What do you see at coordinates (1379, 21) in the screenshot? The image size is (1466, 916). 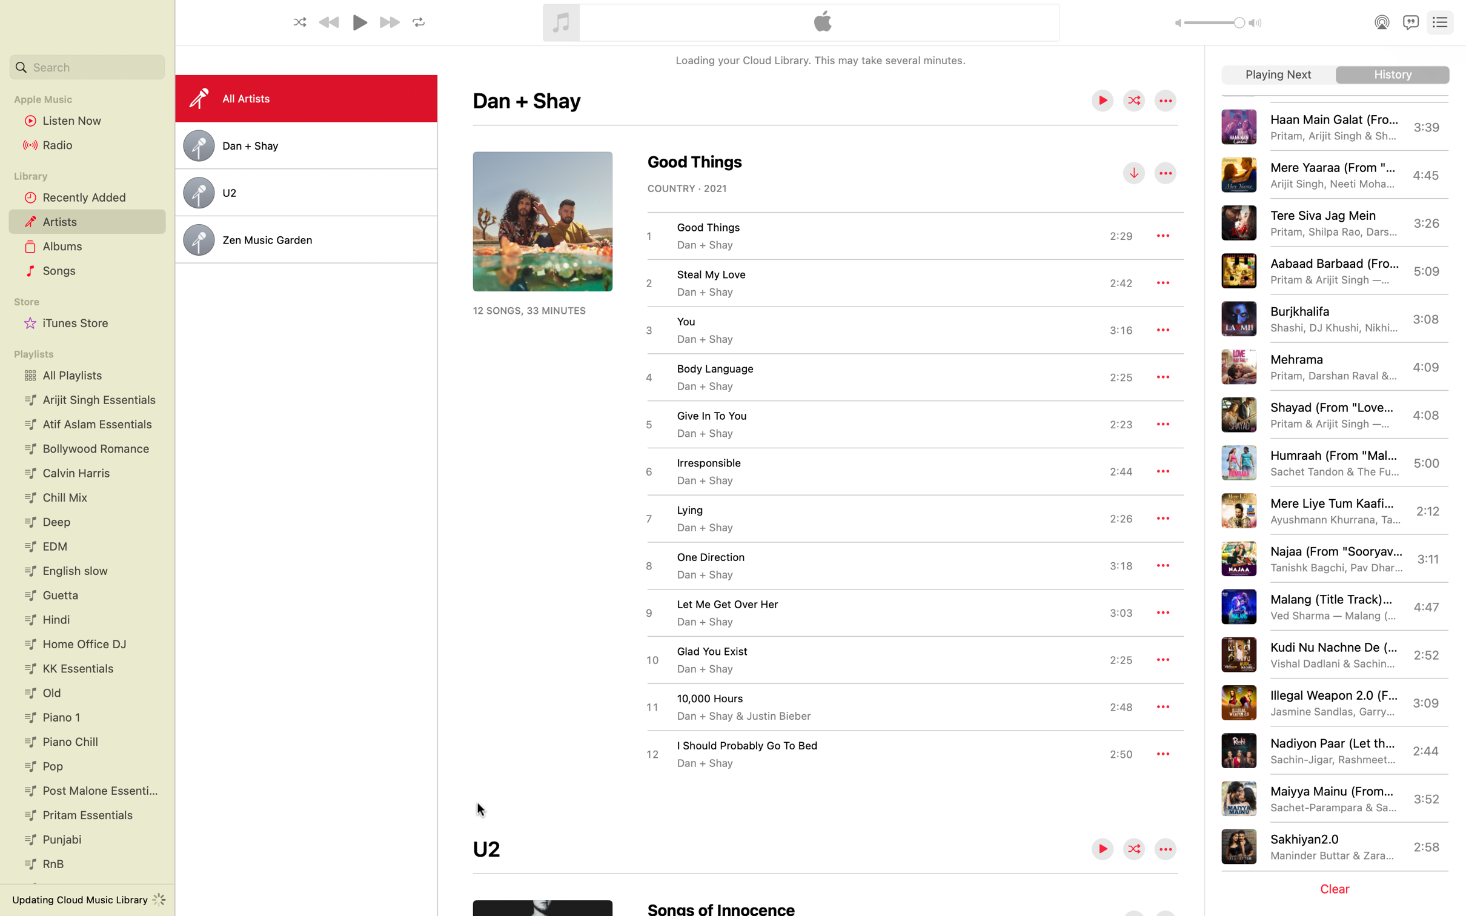 I see `Activate airplay functionality for the music platform` at bounding box center [1379, 21].